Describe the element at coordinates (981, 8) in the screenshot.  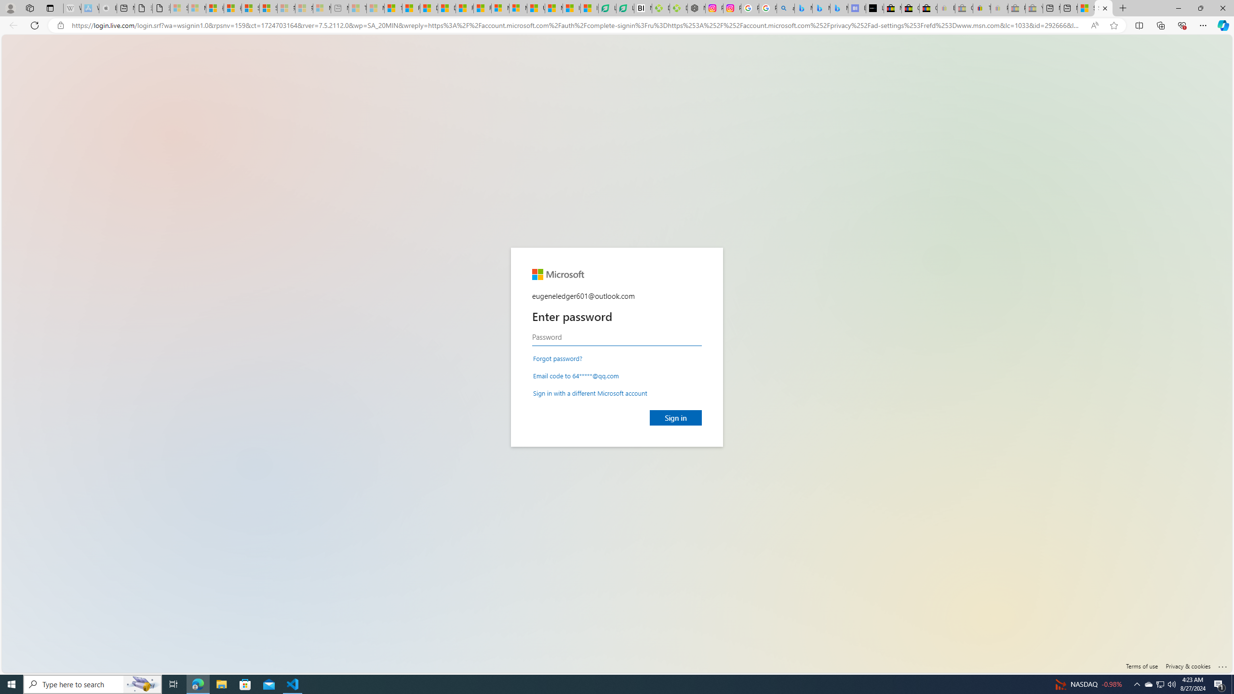
I see `'Threats and offensive language policy | eBay'` at that location.